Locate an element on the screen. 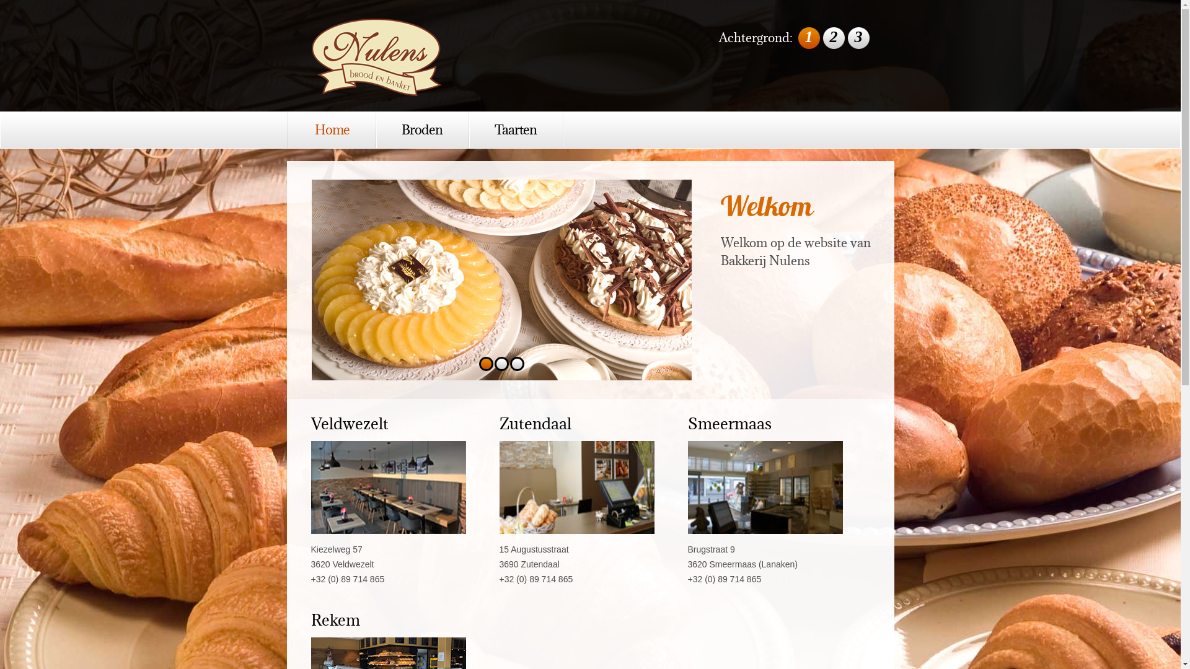 This screenshot has width=1190, height=669. '3' is located at coordinates (516, 363).